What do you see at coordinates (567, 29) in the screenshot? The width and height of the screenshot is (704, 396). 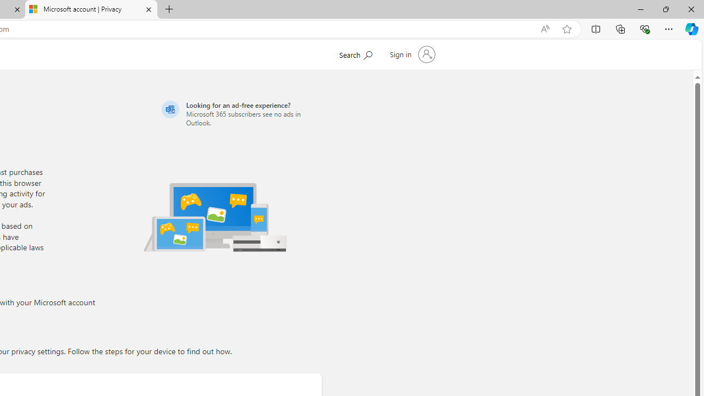 I see `'Add this page to favorites (Ctrl+D)'` at bounding box center [567, 29].